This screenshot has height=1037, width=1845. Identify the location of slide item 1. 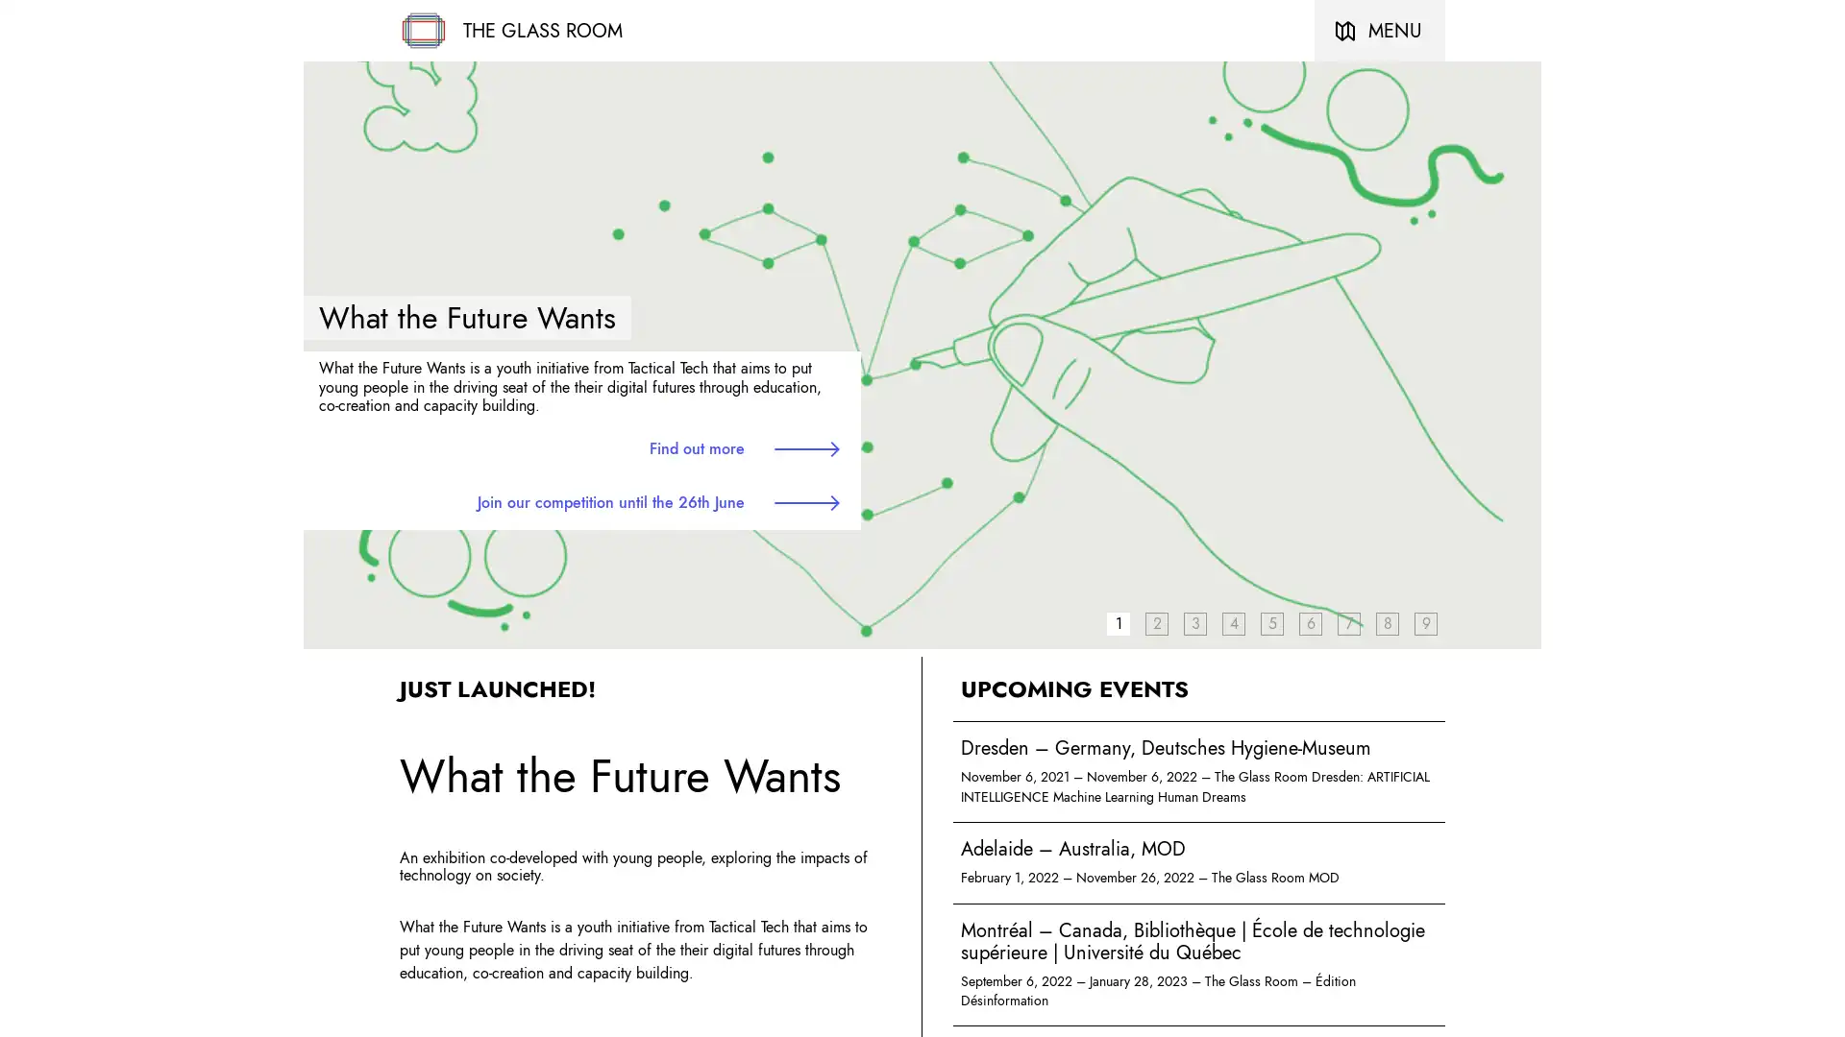
(1118, 622).